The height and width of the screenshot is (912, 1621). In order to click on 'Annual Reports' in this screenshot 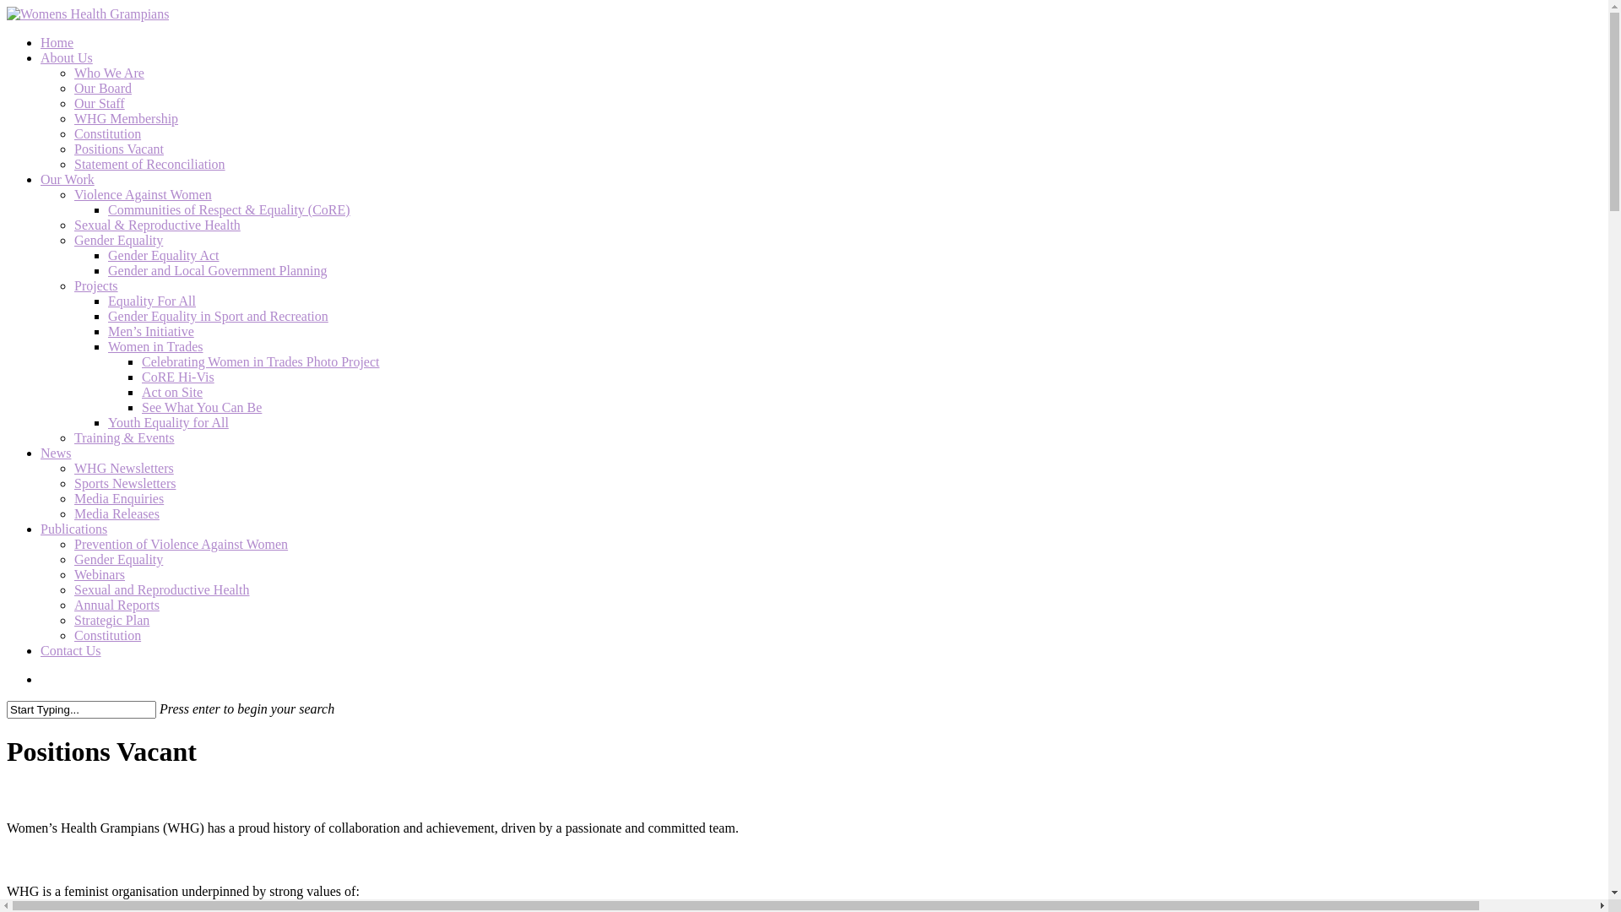, I will do `click(116, 604)`.